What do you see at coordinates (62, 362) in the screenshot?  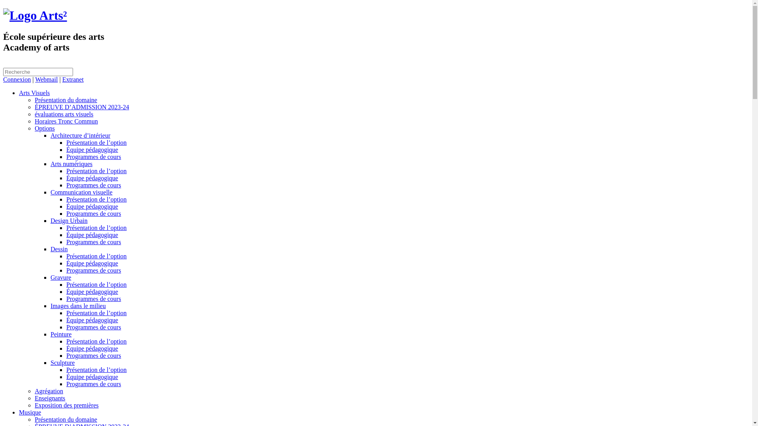 I see `'Sculpture'` at bounding box center [62, 362].